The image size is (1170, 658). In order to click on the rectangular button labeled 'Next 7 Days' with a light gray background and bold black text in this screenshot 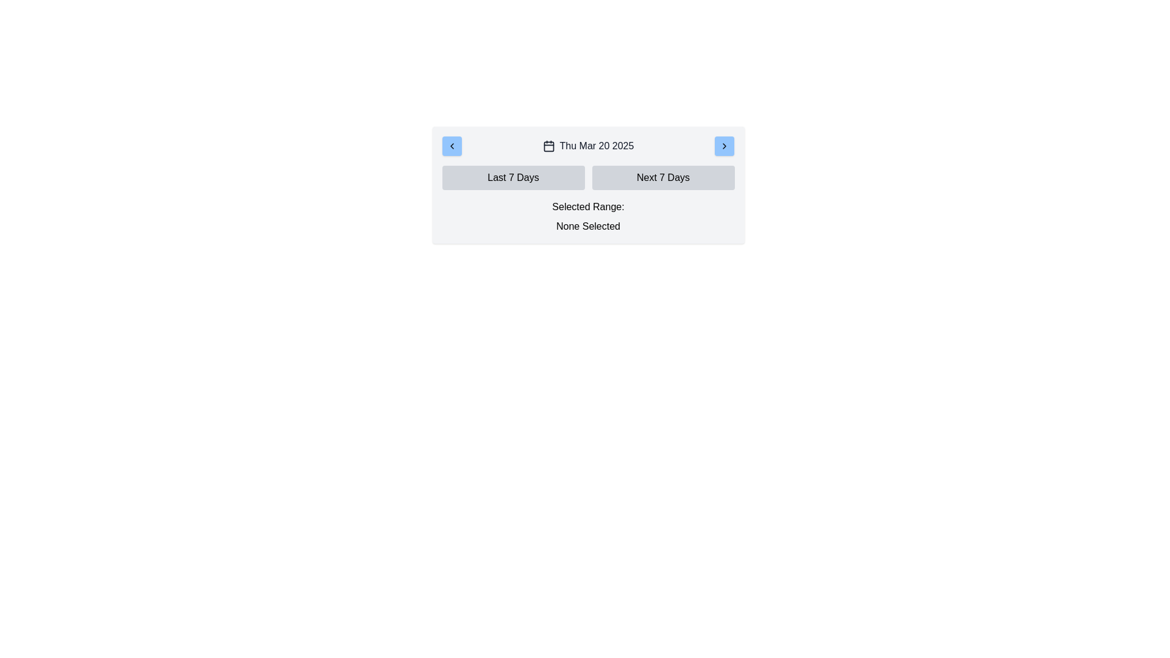, I will do `click(662, 178)`.